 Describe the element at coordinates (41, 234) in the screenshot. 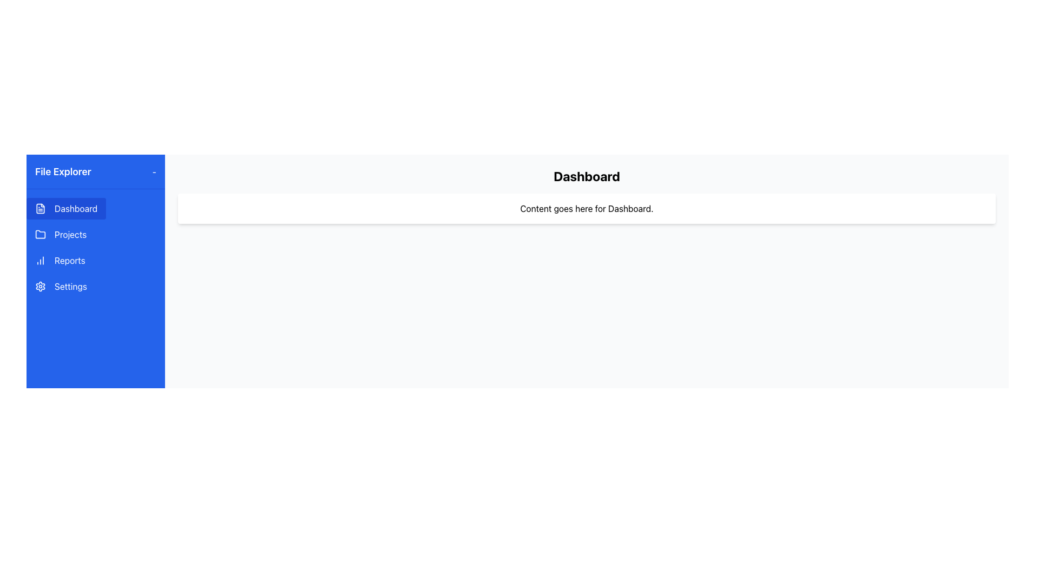

I see `the folder icon with a blue background, which is positioned to the left of the 'Projects' text in the sidebar menu` at that location.